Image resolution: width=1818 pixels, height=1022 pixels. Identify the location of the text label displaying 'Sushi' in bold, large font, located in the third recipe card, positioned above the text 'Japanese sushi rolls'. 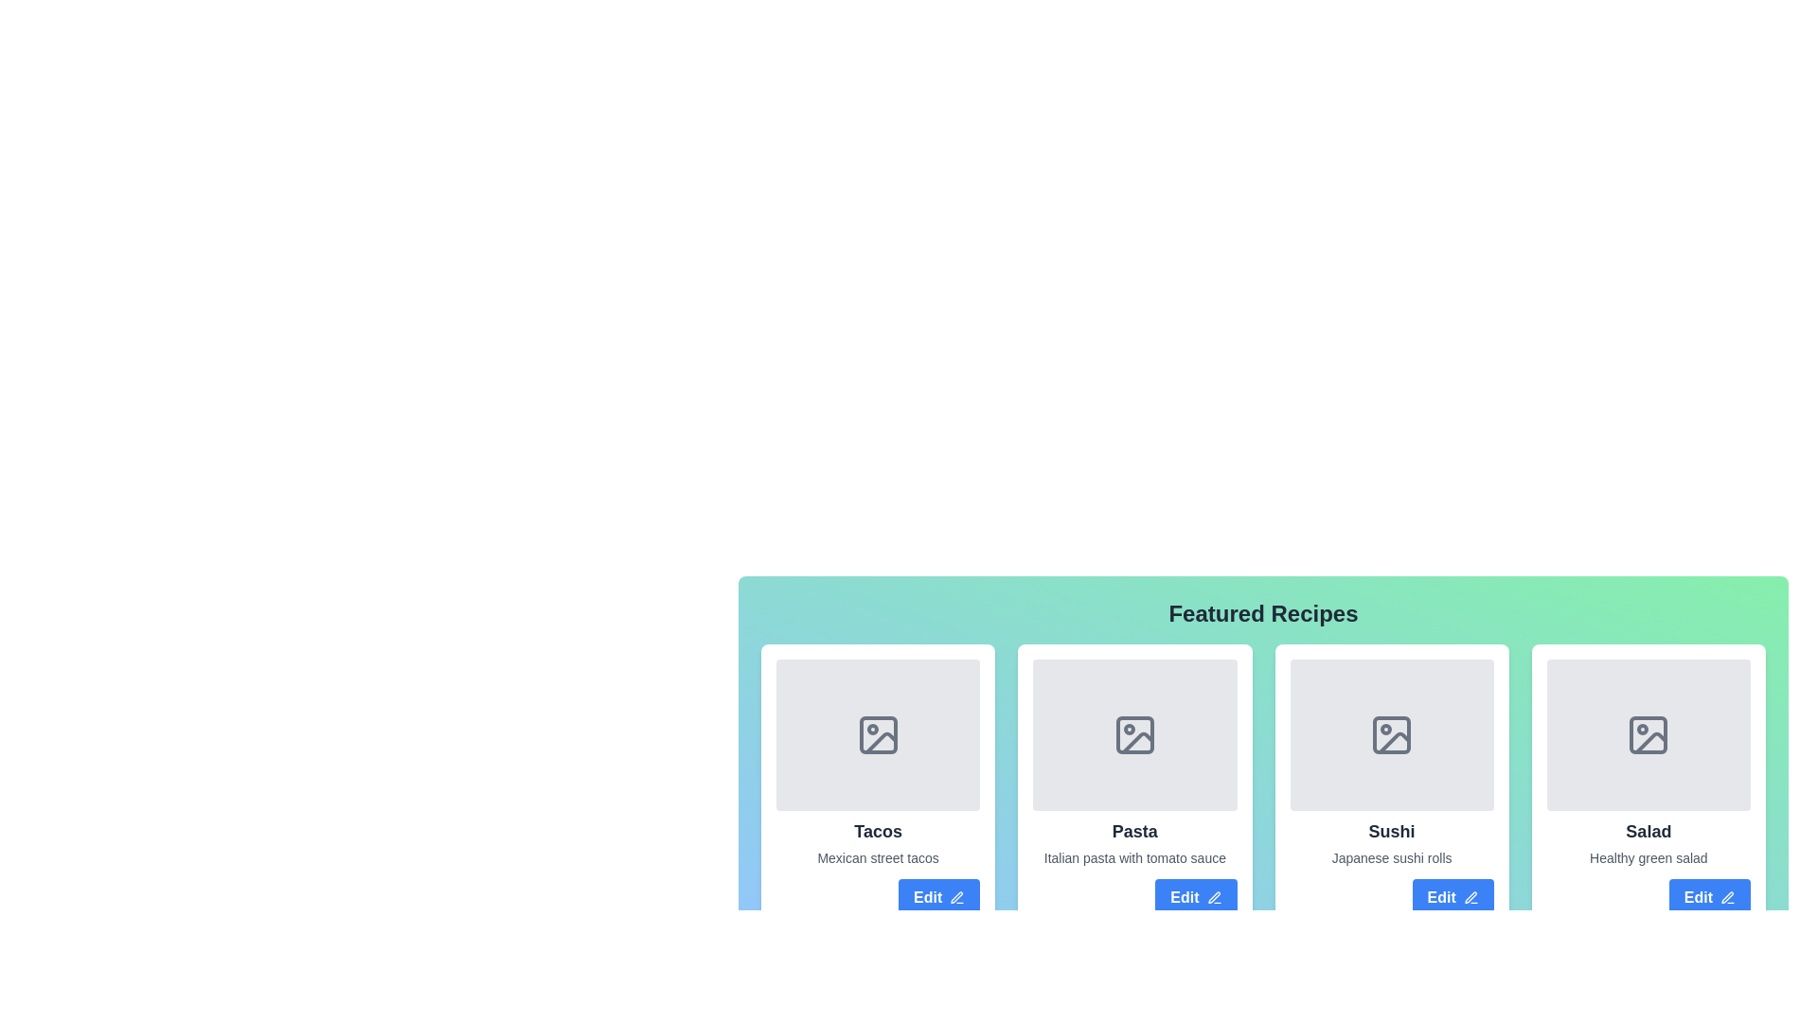
(1392, 831).